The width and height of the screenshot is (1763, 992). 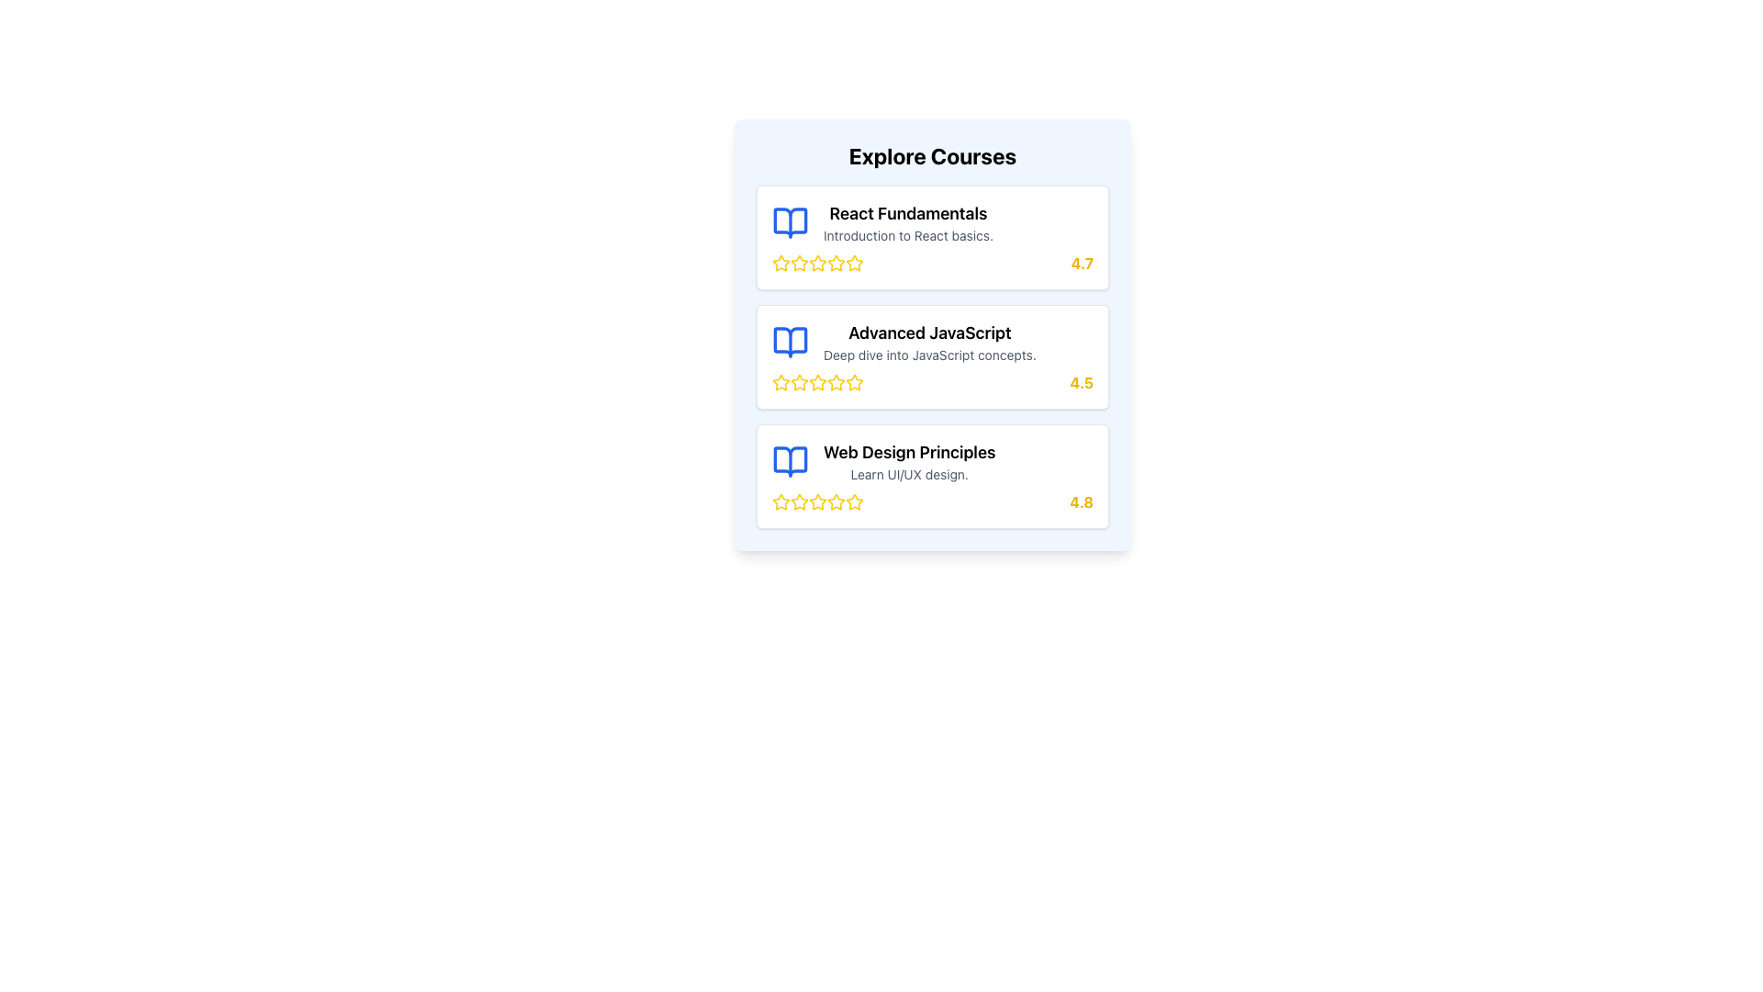 I want to click on the first star icon in the five-star rating system for the 'Web Design Principles' course to rate it, so click(x=780, y=502).